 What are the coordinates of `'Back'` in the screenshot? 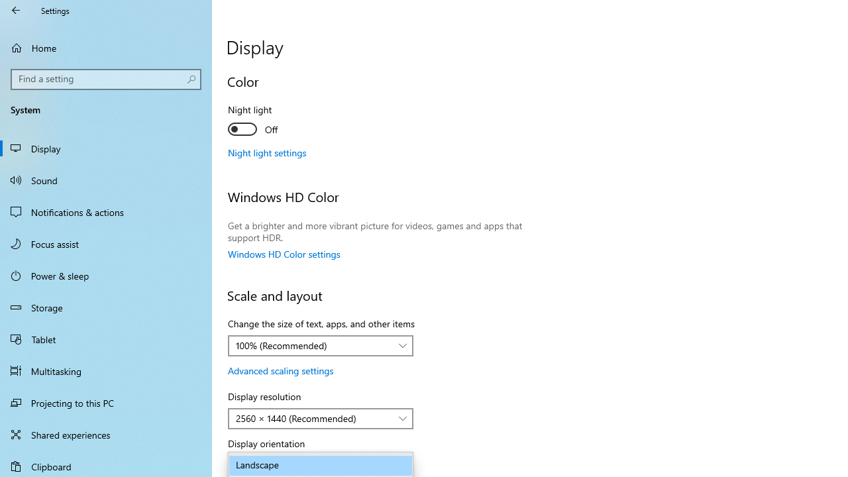 It's located at (16, 10).